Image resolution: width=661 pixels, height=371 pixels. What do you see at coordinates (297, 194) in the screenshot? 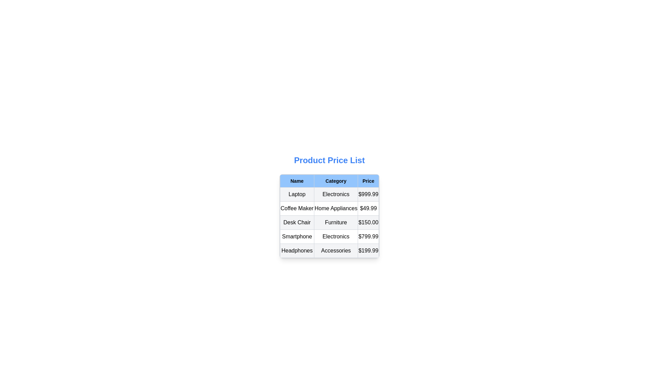
I see `the static text label containing the word 'Laptop' located in the first cell of the 'Name' column in the product table` at bounding box center [297, 194].